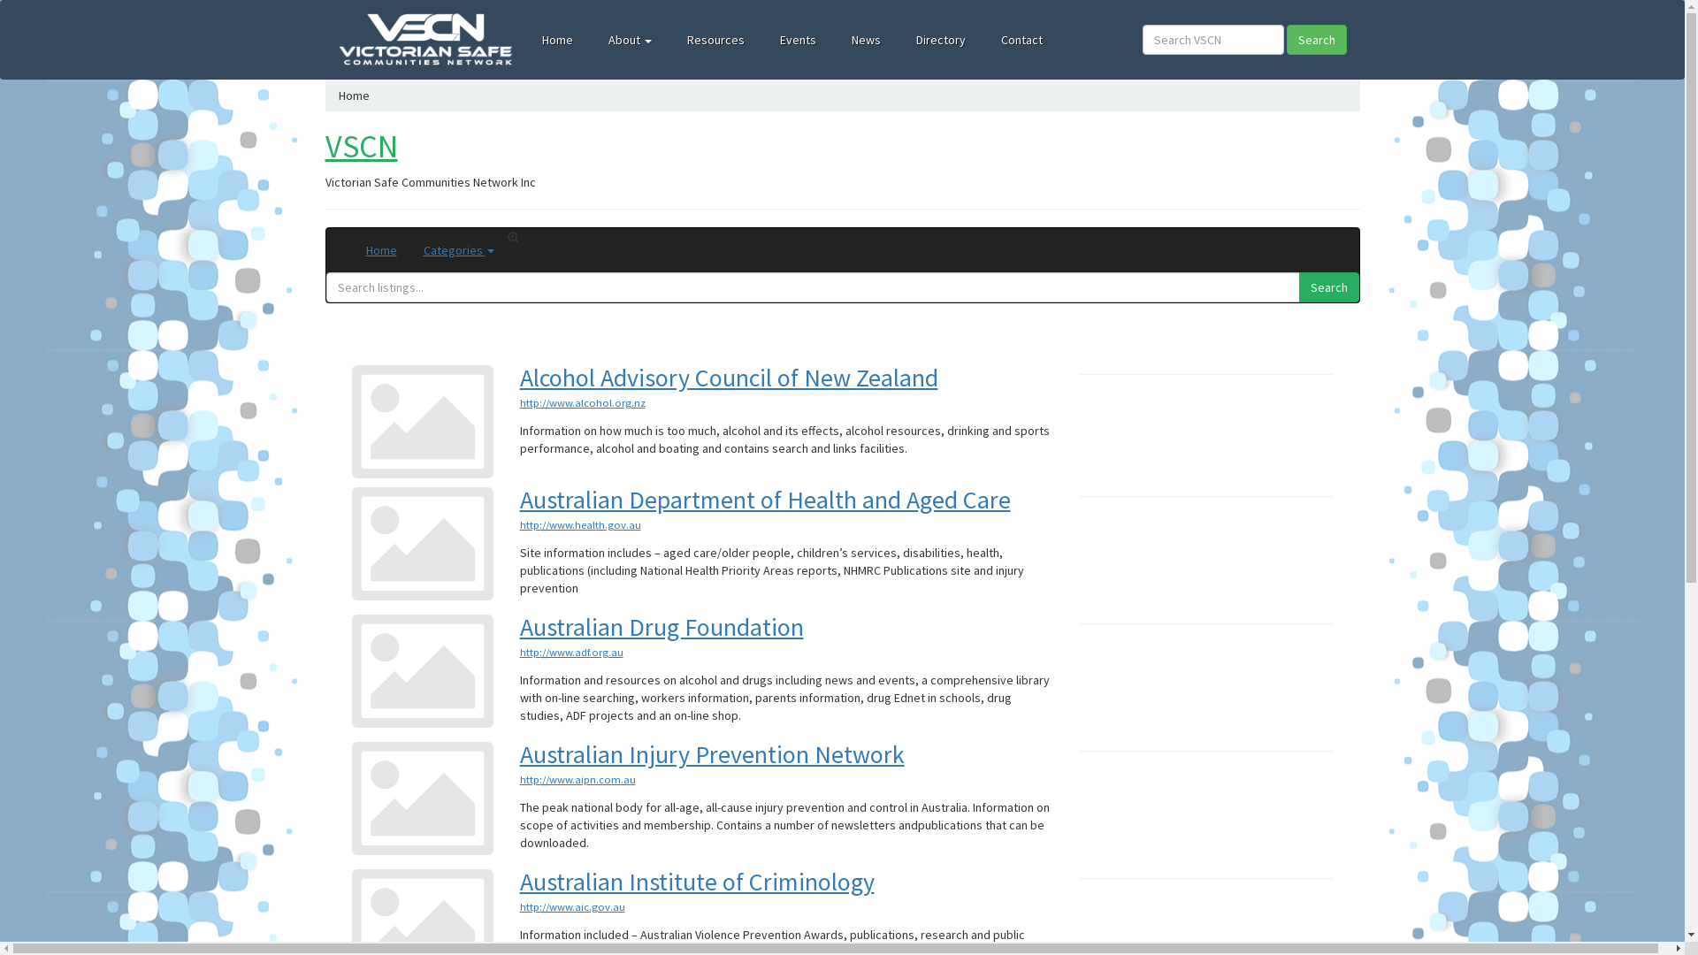  I want to click on 'VSCN', so click(360, 145).